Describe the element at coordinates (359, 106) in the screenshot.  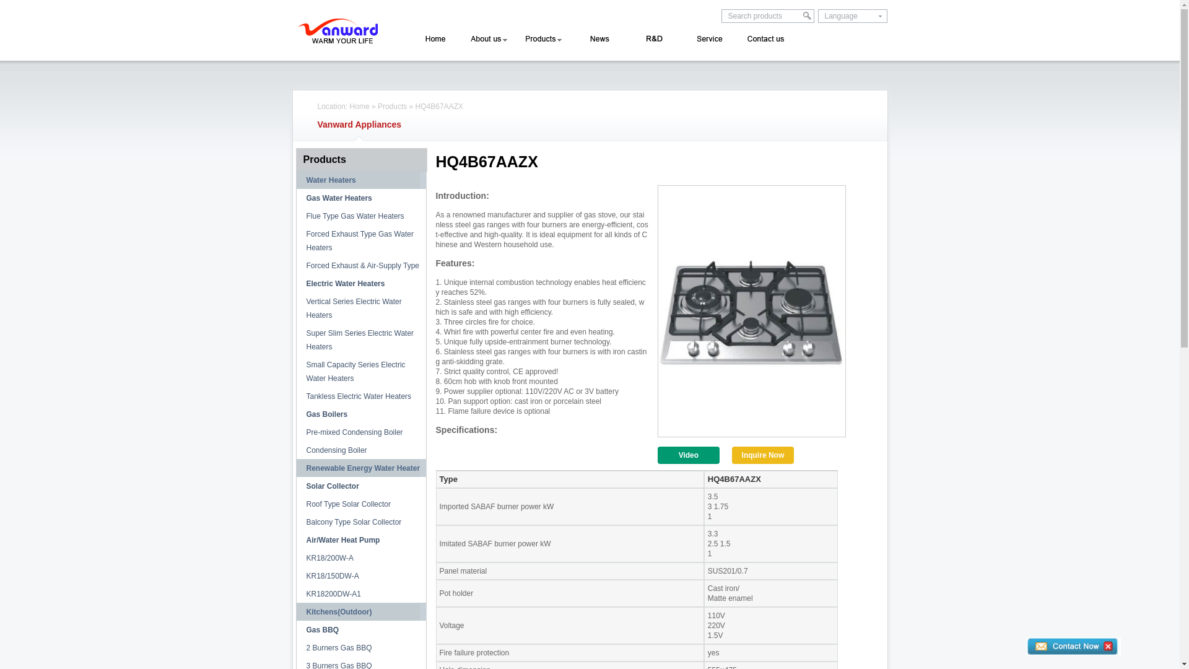
I see `'Home'` at that location.